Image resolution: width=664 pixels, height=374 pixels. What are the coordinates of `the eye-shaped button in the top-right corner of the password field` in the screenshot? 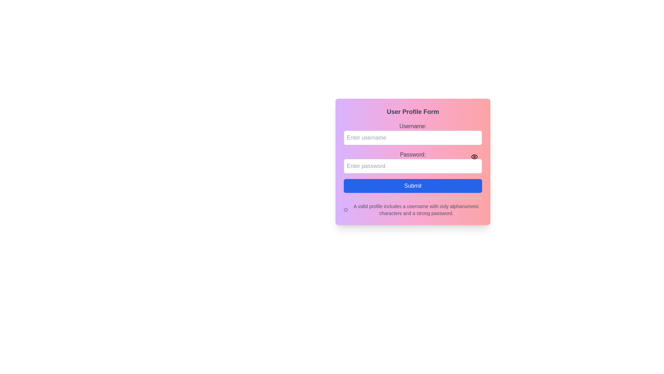 It's located at (474, 157).